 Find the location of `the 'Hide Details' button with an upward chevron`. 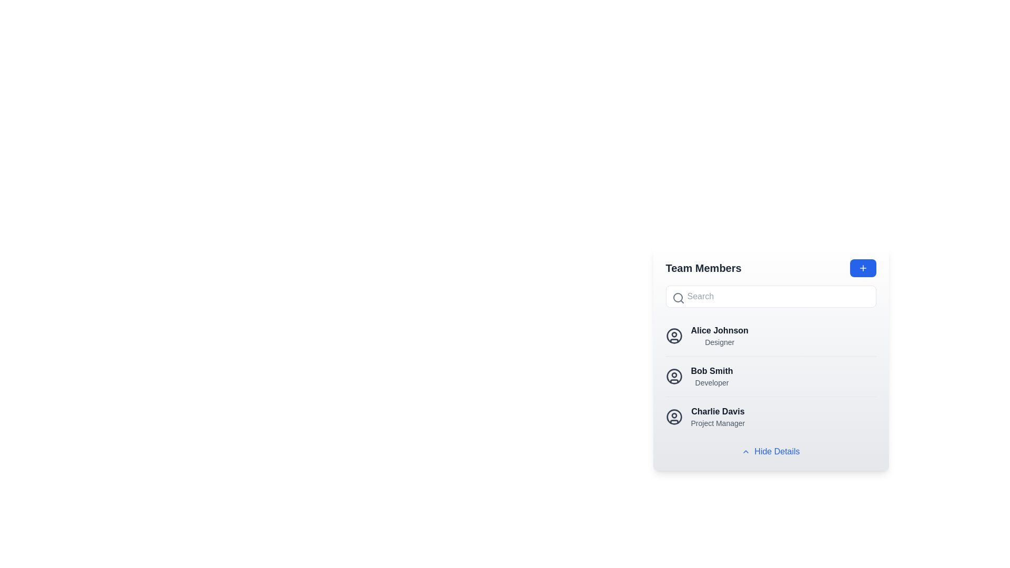

the 'Hide Details' button with an upward chevron is located at coordinates (771, 451).